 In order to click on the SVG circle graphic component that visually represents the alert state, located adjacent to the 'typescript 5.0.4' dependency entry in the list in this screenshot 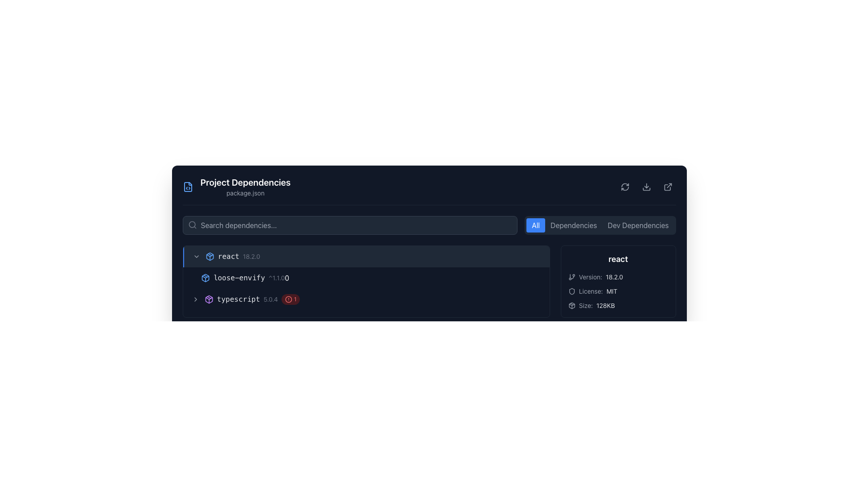, I will do `click(288, 299)`.